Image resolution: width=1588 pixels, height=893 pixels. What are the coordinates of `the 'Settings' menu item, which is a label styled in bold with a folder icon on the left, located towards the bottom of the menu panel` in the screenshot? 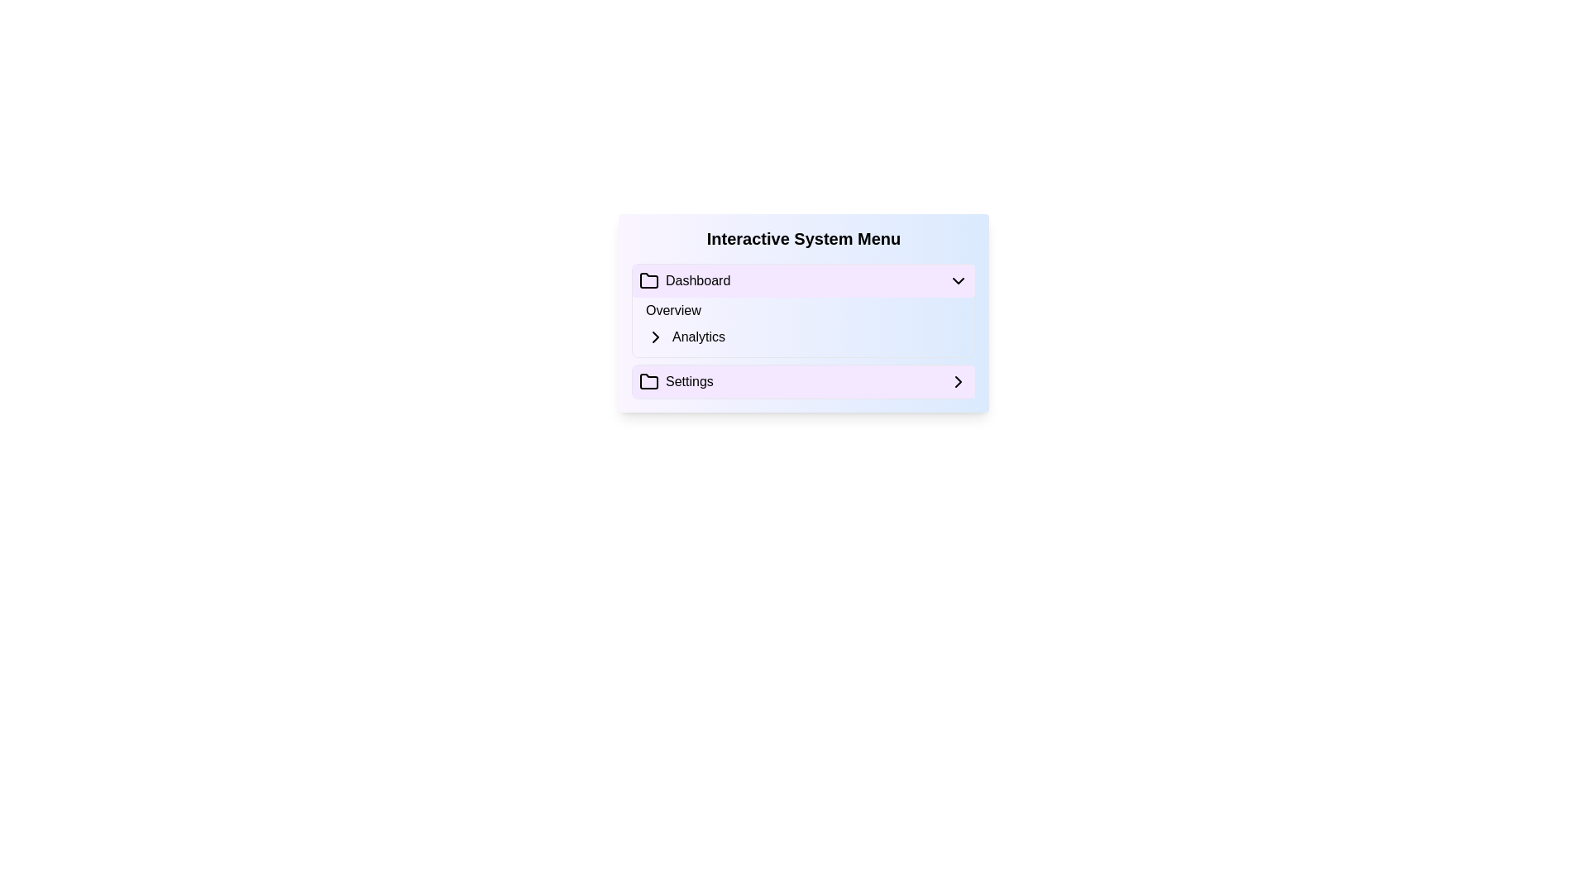 It's located at (676, 382).